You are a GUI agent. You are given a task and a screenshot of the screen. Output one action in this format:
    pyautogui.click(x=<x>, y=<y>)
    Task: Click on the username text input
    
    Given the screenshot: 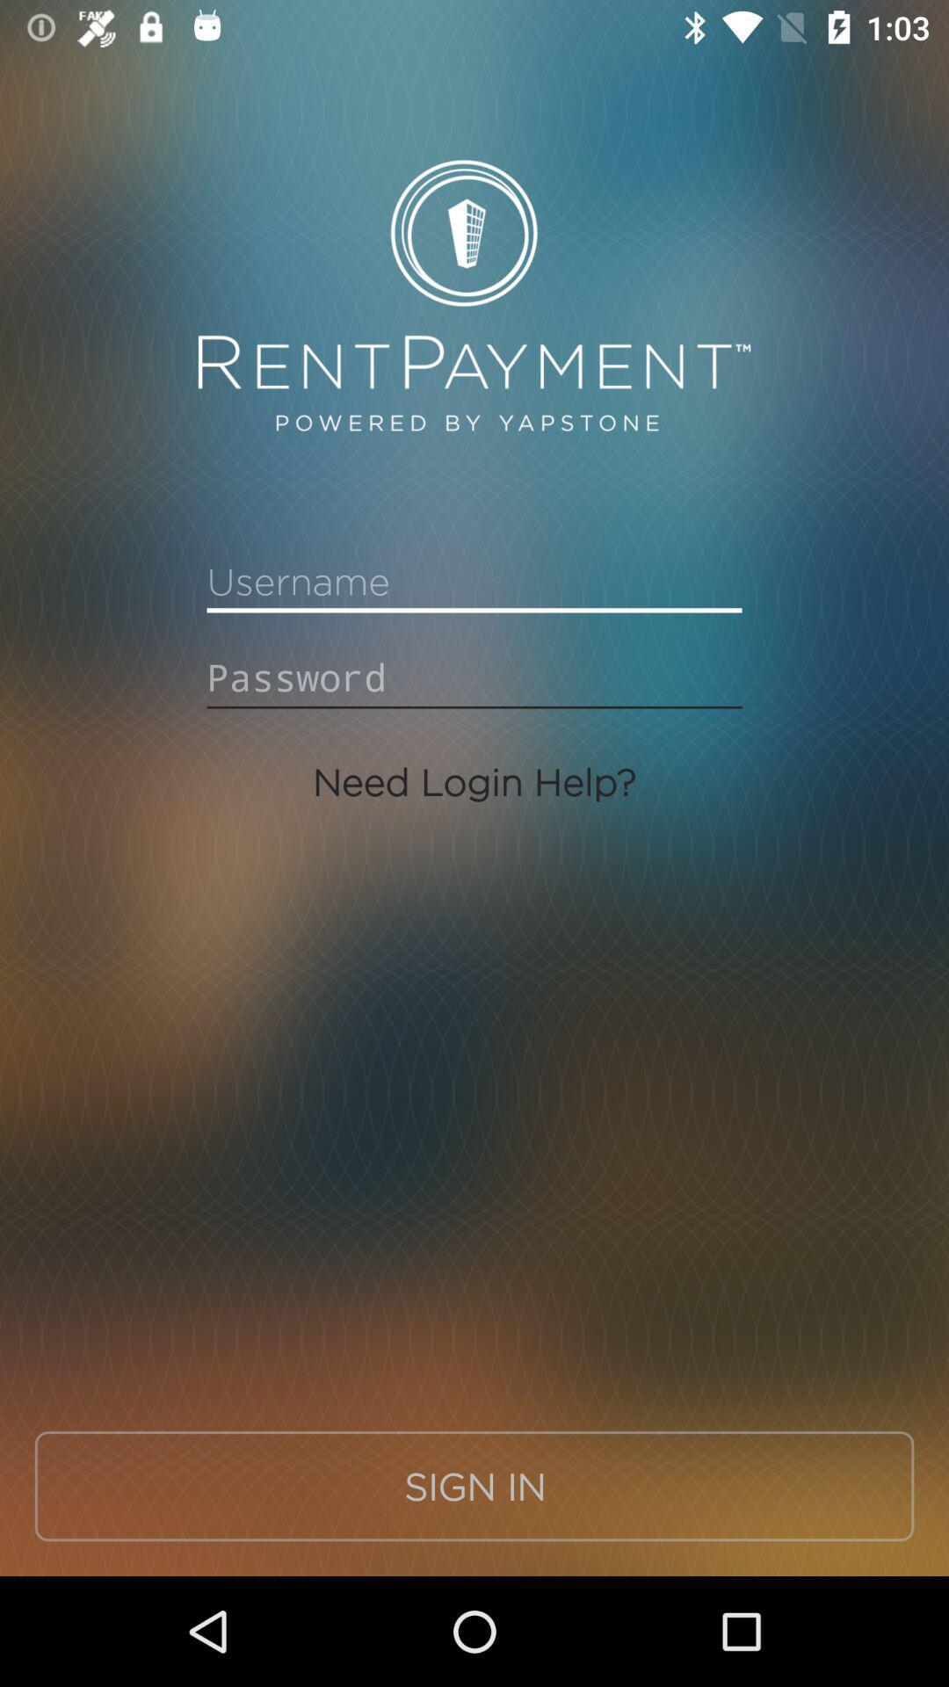 What is the action you would take?
    pyautogui.click(x=474, y=582)
    